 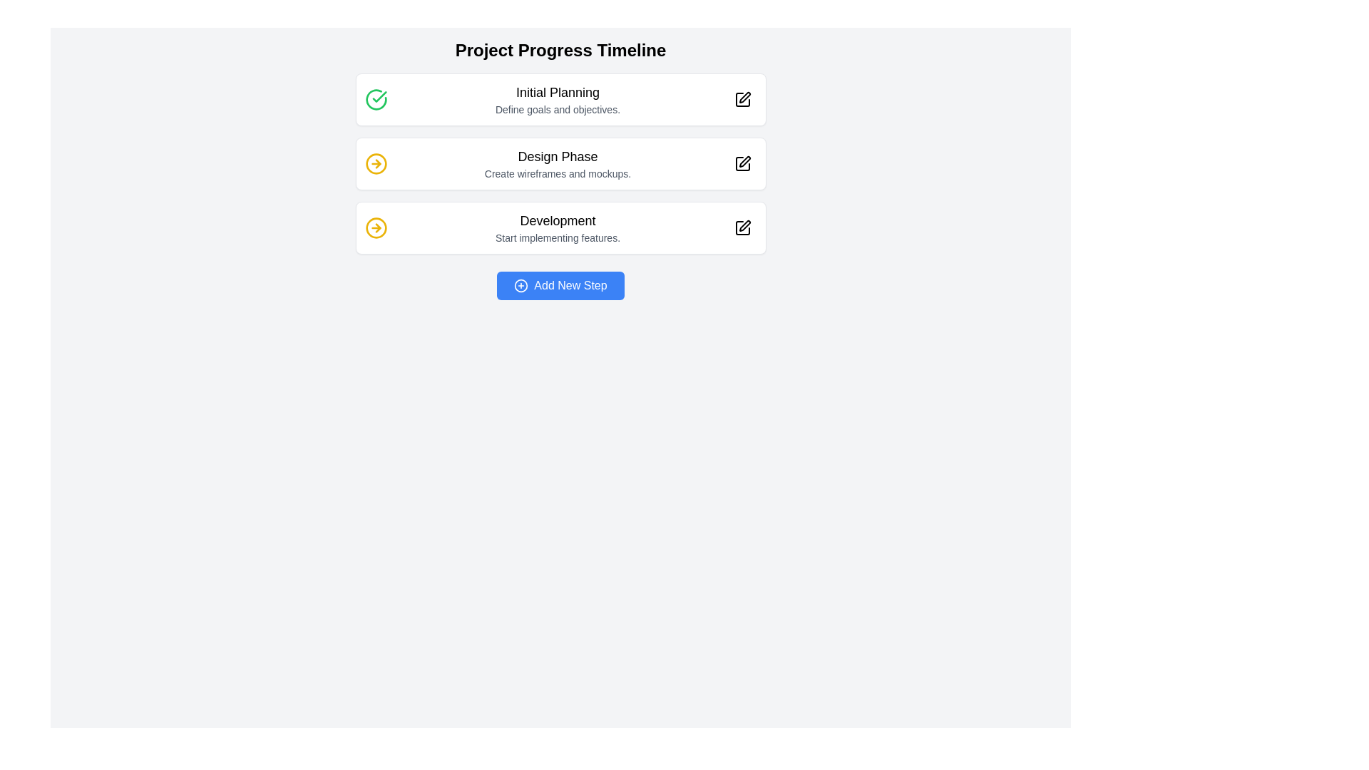 I want to click on text label that describes the 'Design Phase' step in the project timeline, which is centrally aligned in the second card of the vertical stack of step cards, so click(x=557, y=163).